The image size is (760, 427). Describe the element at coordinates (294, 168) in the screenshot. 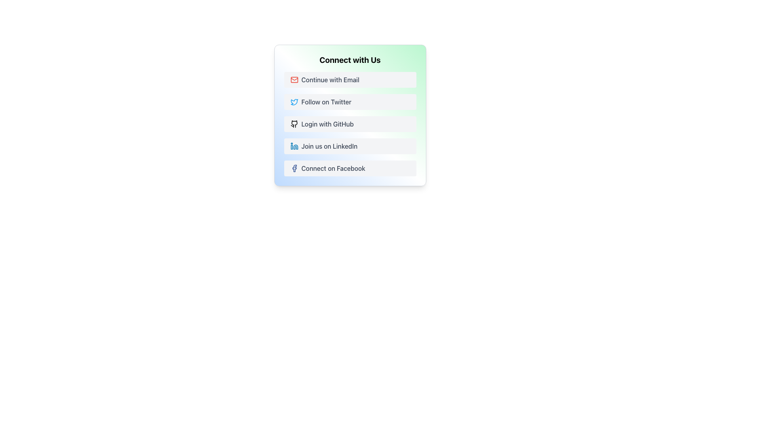

I see `the small Facebook SVG Icon featuring the 'f' symbol, styled with a blue stroke, located in the row labeled 'Connect on Facebook' at the bottommost position of the list` at that location.